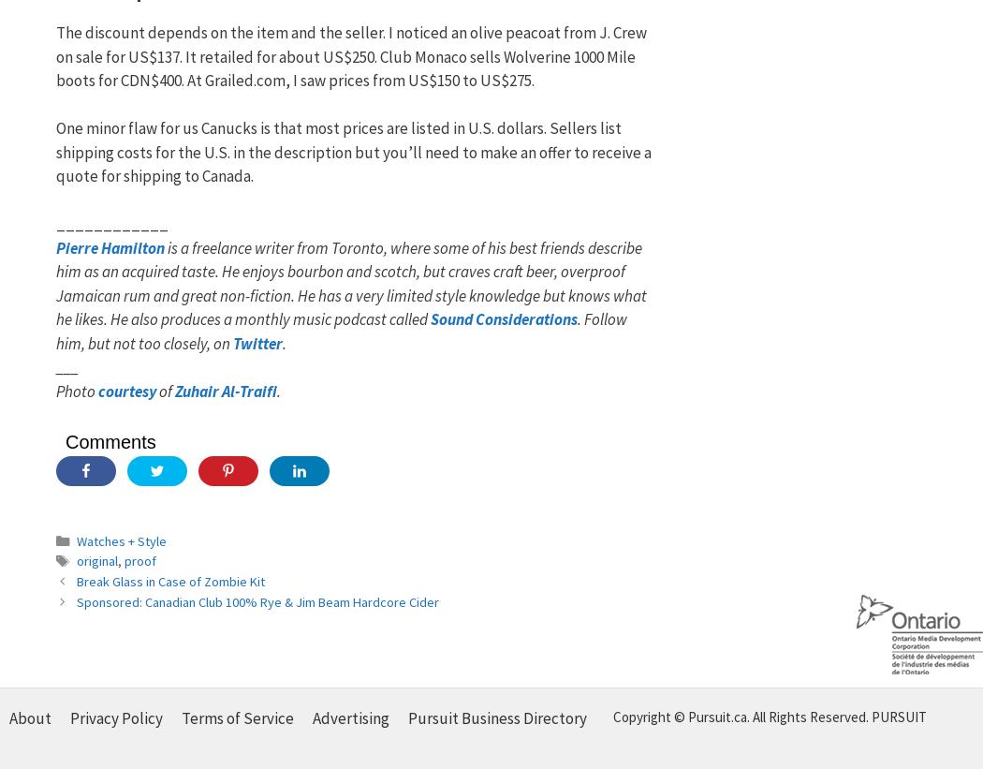 The height and width of the screenshot is (769, 983). Describe the element at coordinates (898, 716) in the screenshot. I see `'PURSUIT'` at that location.